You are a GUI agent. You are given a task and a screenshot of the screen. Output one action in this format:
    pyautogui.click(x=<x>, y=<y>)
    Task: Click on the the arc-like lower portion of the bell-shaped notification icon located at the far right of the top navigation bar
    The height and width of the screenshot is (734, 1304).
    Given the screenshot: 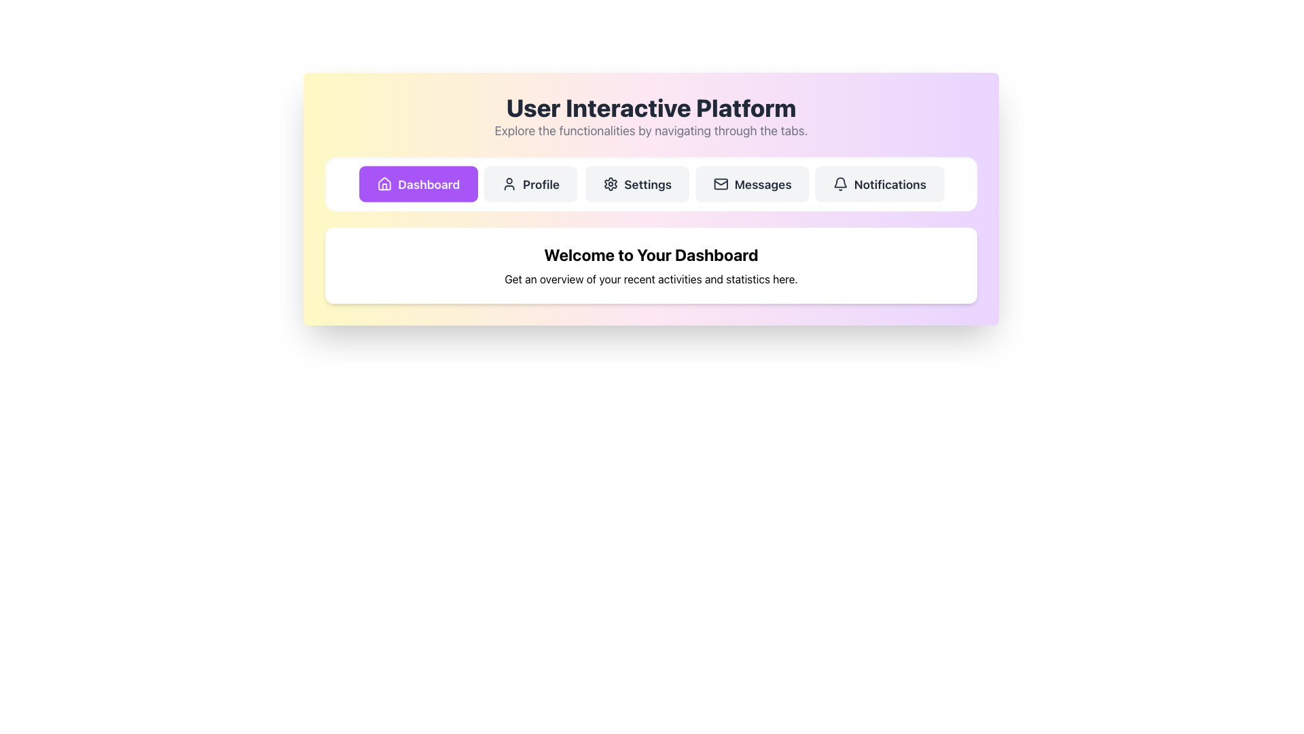 What is the action you would take?
    pyautogui.click(x=839, y=181)
    